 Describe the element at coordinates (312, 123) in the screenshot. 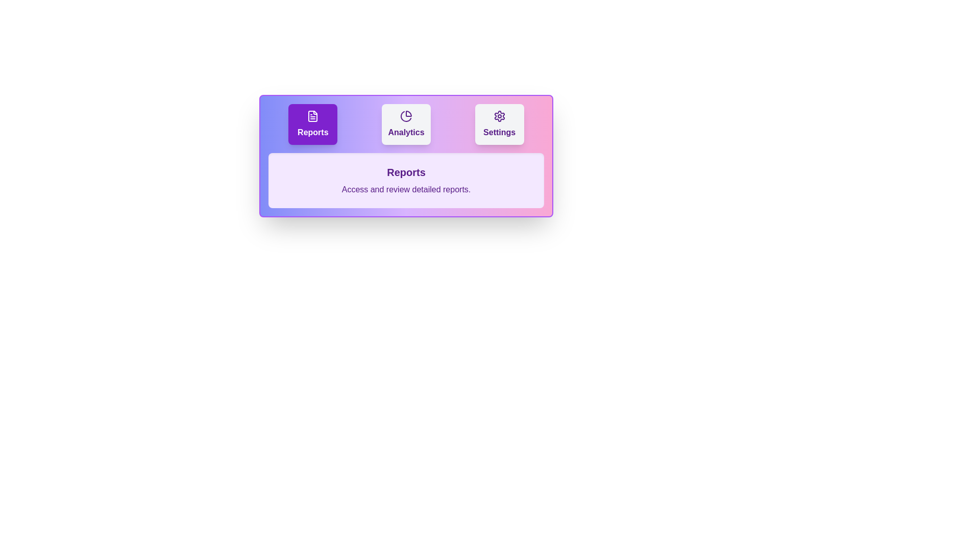

I see `the button labeled 'Reports' to observe its hover effect` at that location.